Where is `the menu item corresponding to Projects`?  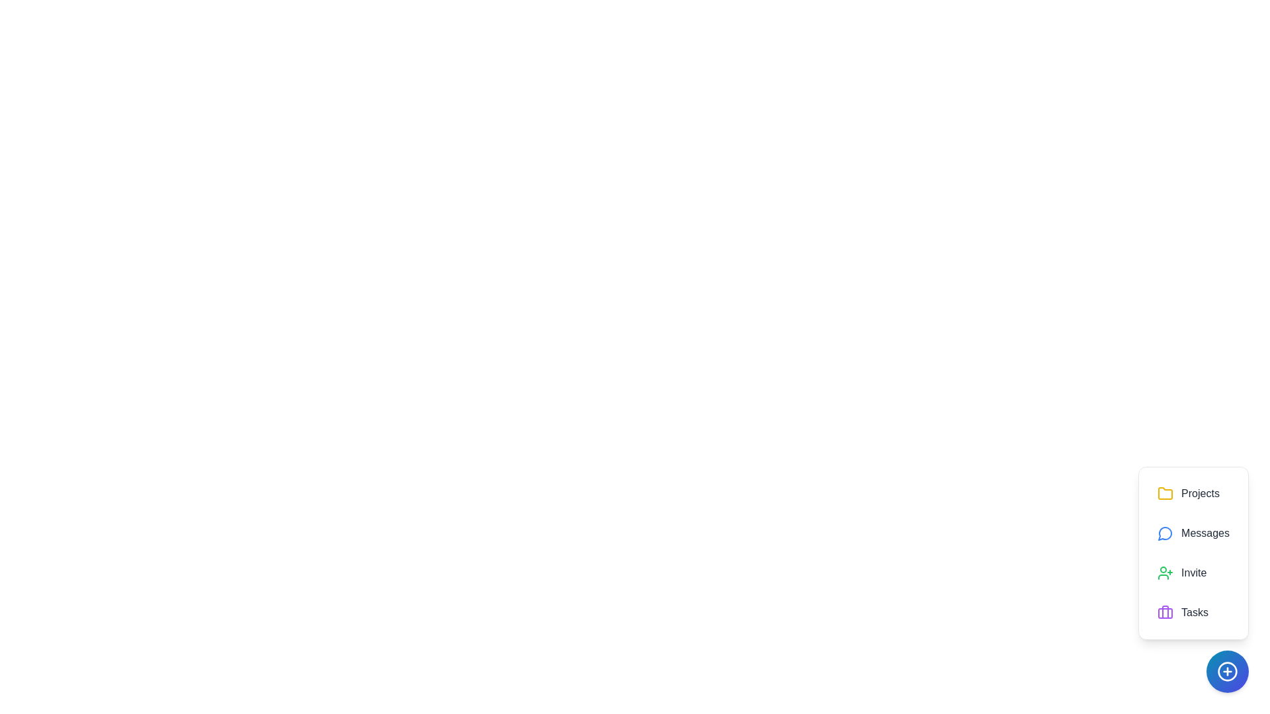
the menu item corresponding to Projects is located at coordinates (1193, 494).